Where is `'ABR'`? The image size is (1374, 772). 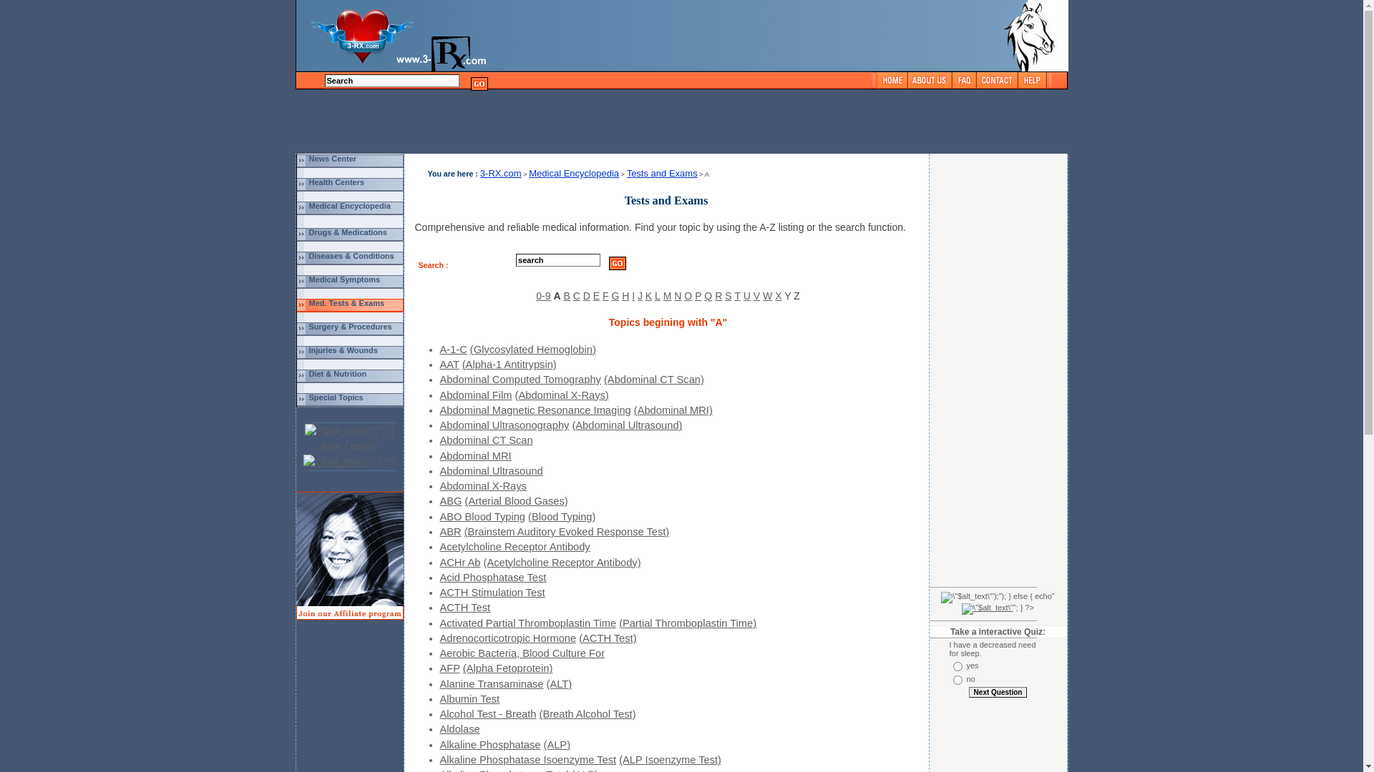 'ABR' is located at coordinates (439, 532).